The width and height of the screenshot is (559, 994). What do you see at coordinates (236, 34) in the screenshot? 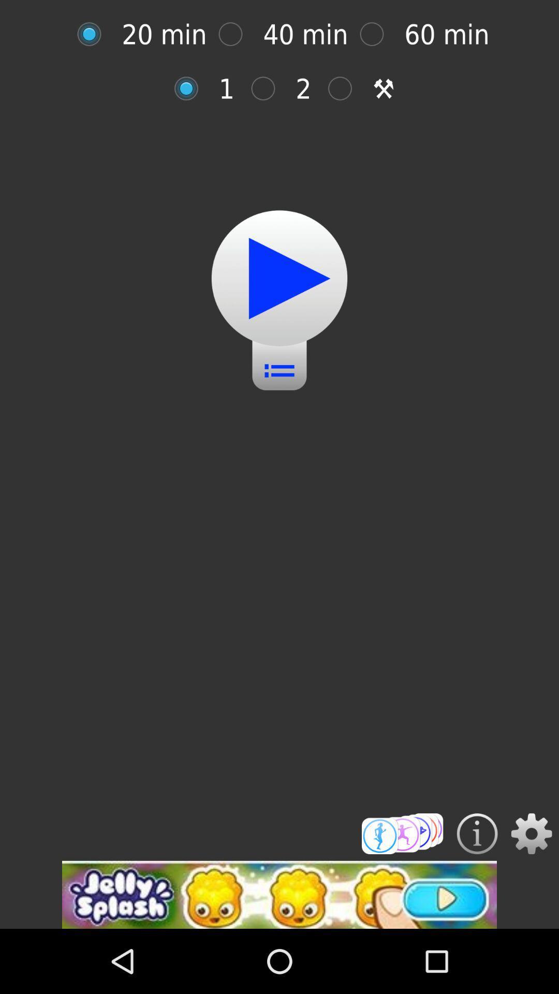
I see `page` at bounding box center [236, 34].